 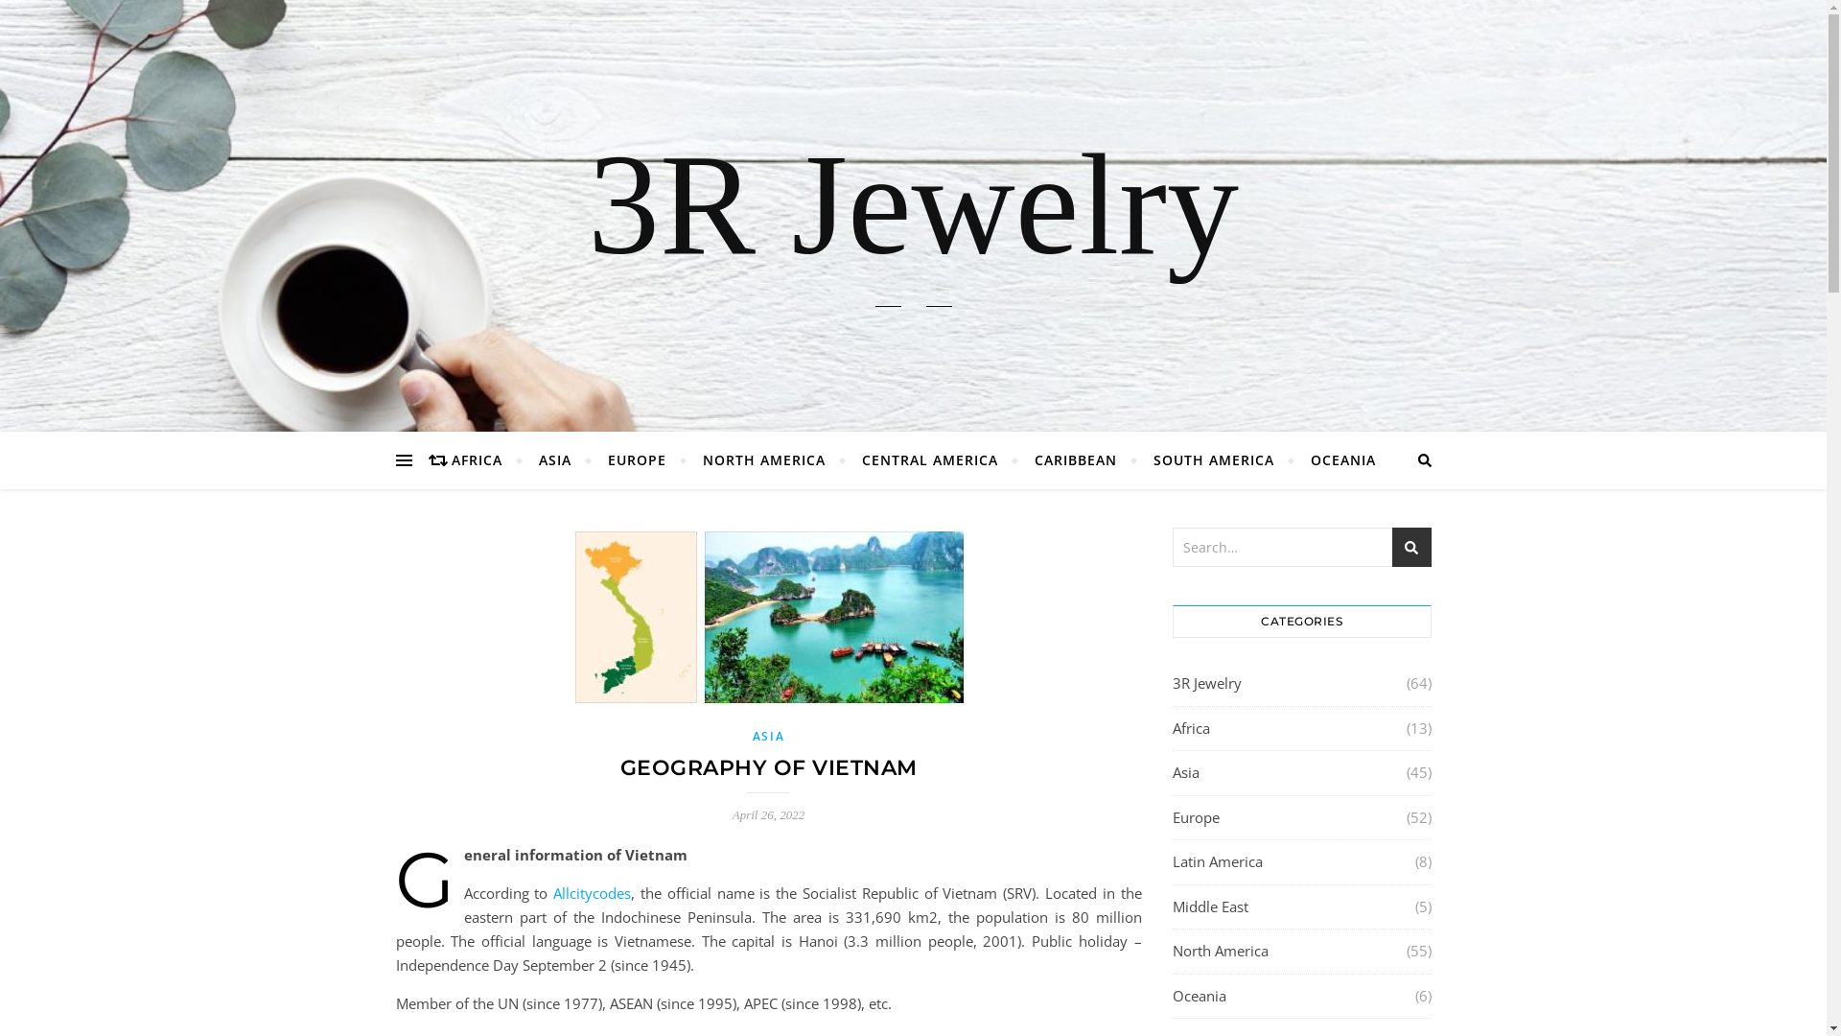 What do you see at coordinates (1411, 547) in the screenshot?
I see `'st'` at bounding box center [1411, 547].